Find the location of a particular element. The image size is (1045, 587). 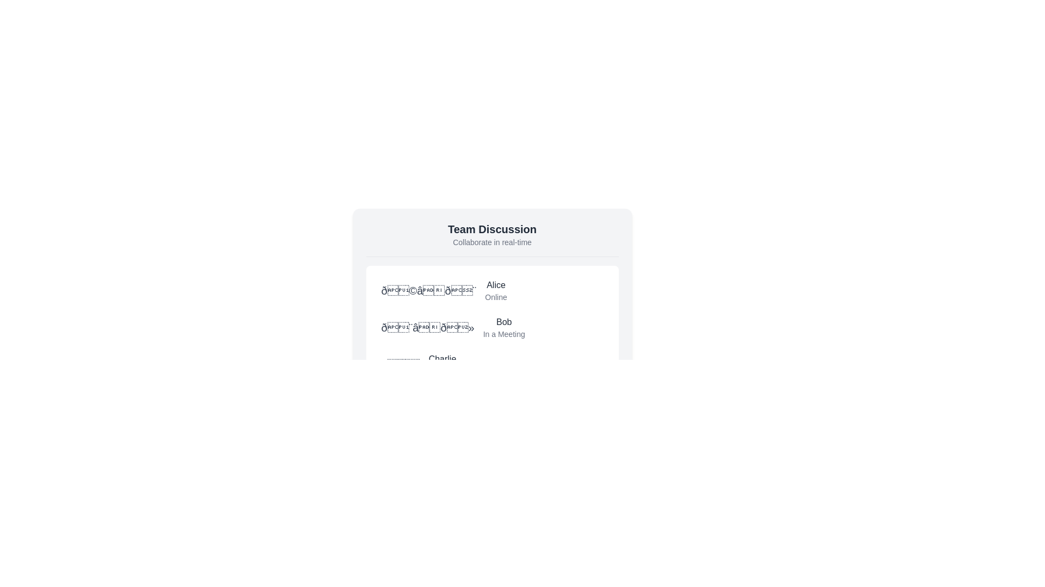

the text label displaying the name 'Bob', which is prominently styled in bold dark gray font against a light background and located below the entry labeled 'Alice' is located at coordinates (503, 322).